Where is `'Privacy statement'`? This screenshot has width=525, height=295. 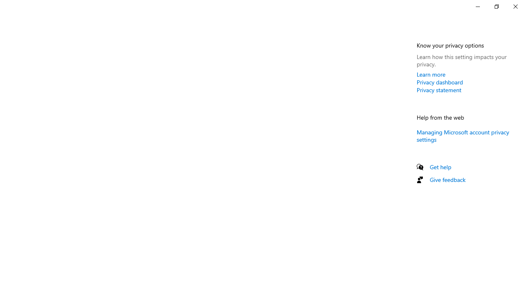
'Privacy statement' is located at coordinates (438, 90).